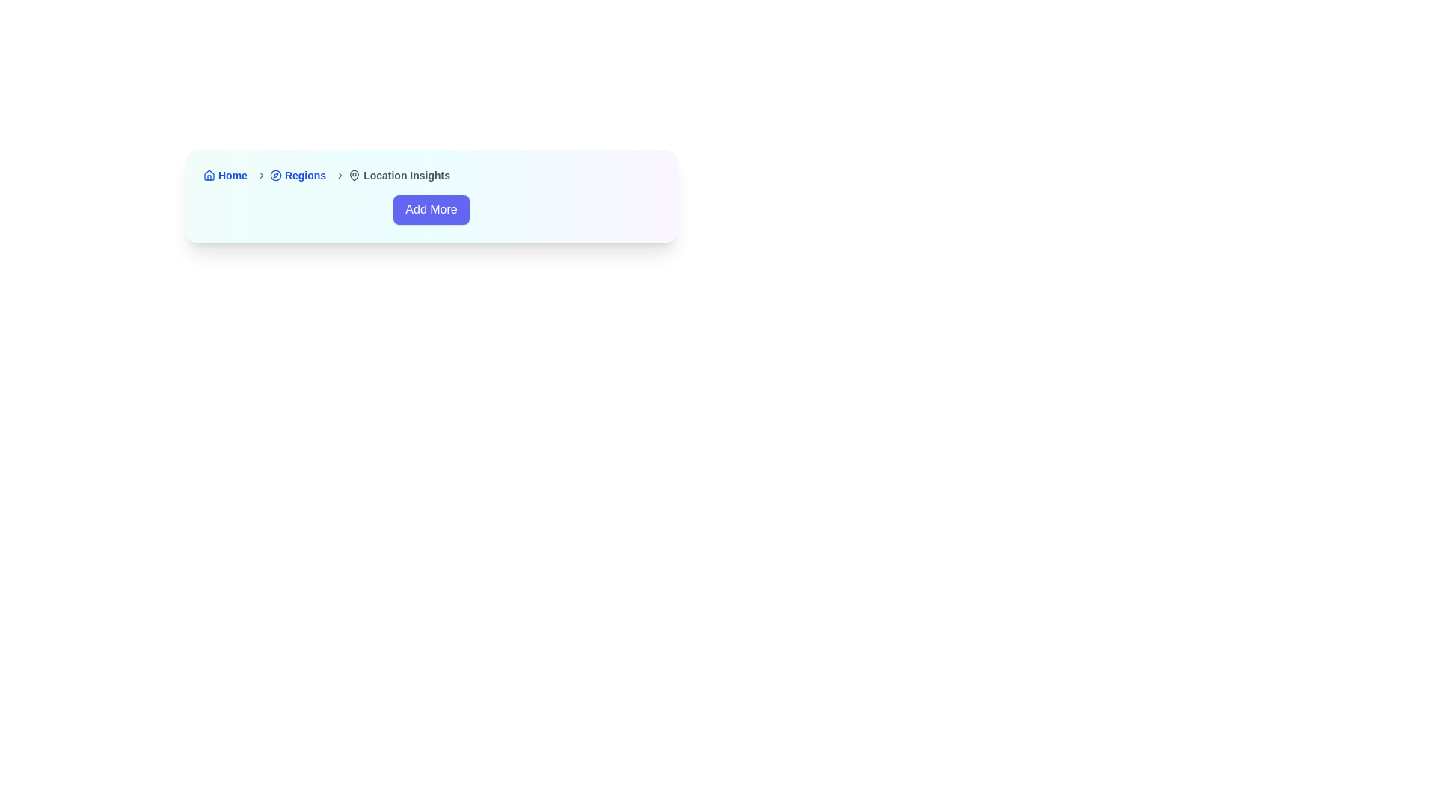  What do you see at coordinates (354, 175) in the screenshot?
I see `the map pin icon located to the left of the 'Location Insights' text label` at bounding box center [354, 175].